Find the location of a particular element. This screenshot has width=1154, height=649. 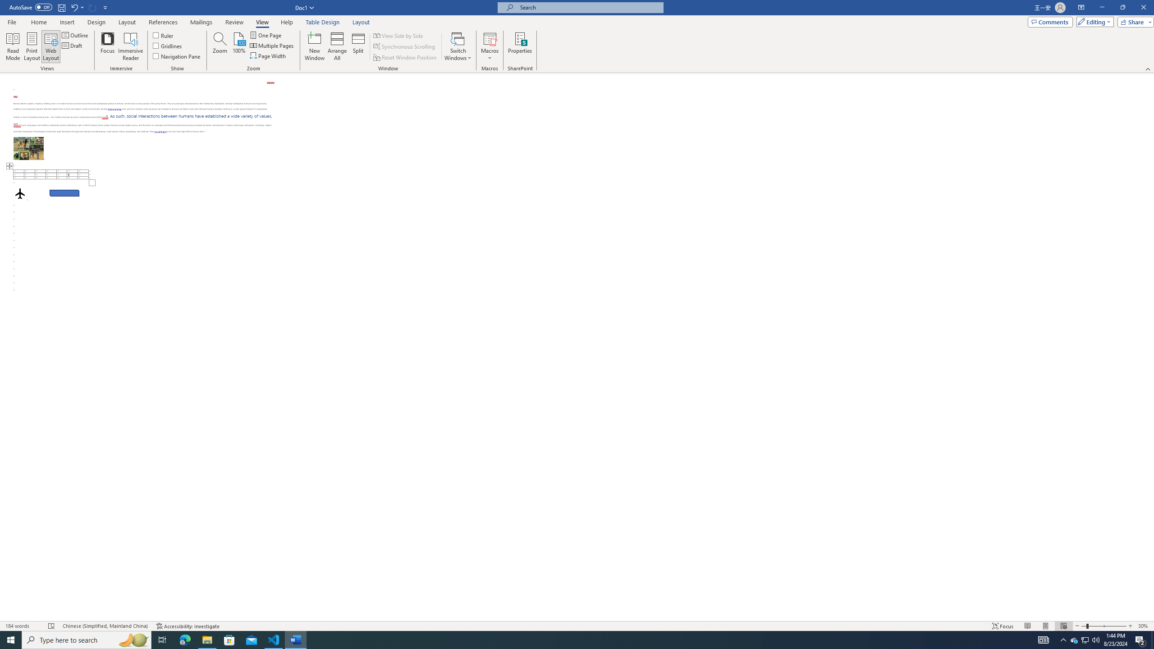

'Review' is located at coordinates (234, 22).